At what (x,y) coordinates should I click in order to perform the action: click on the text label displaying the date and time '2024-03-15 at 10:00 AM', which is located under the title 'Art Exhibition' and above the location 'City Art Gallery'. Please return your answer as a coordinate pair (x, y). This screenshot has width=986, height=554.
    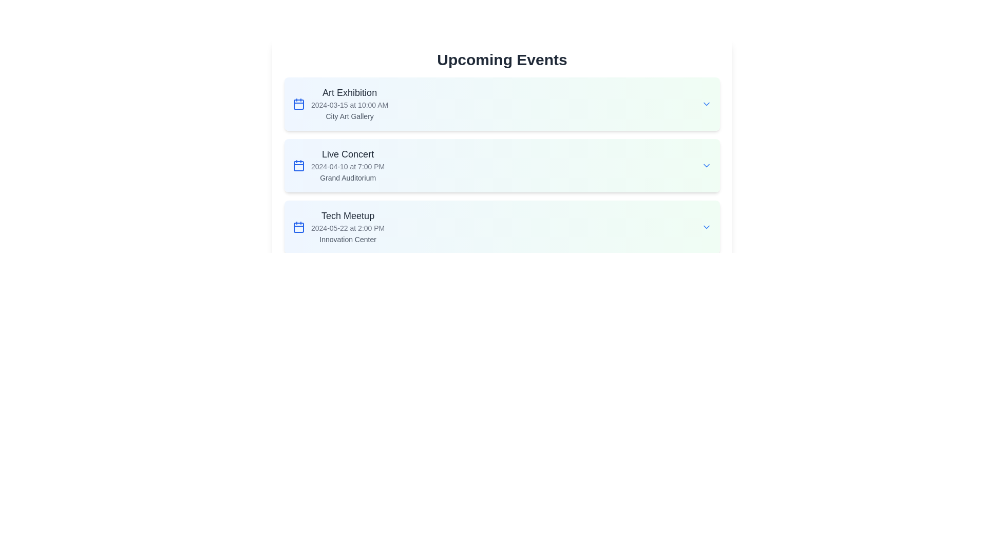
    Looking at the image, I should click on (350, 105).